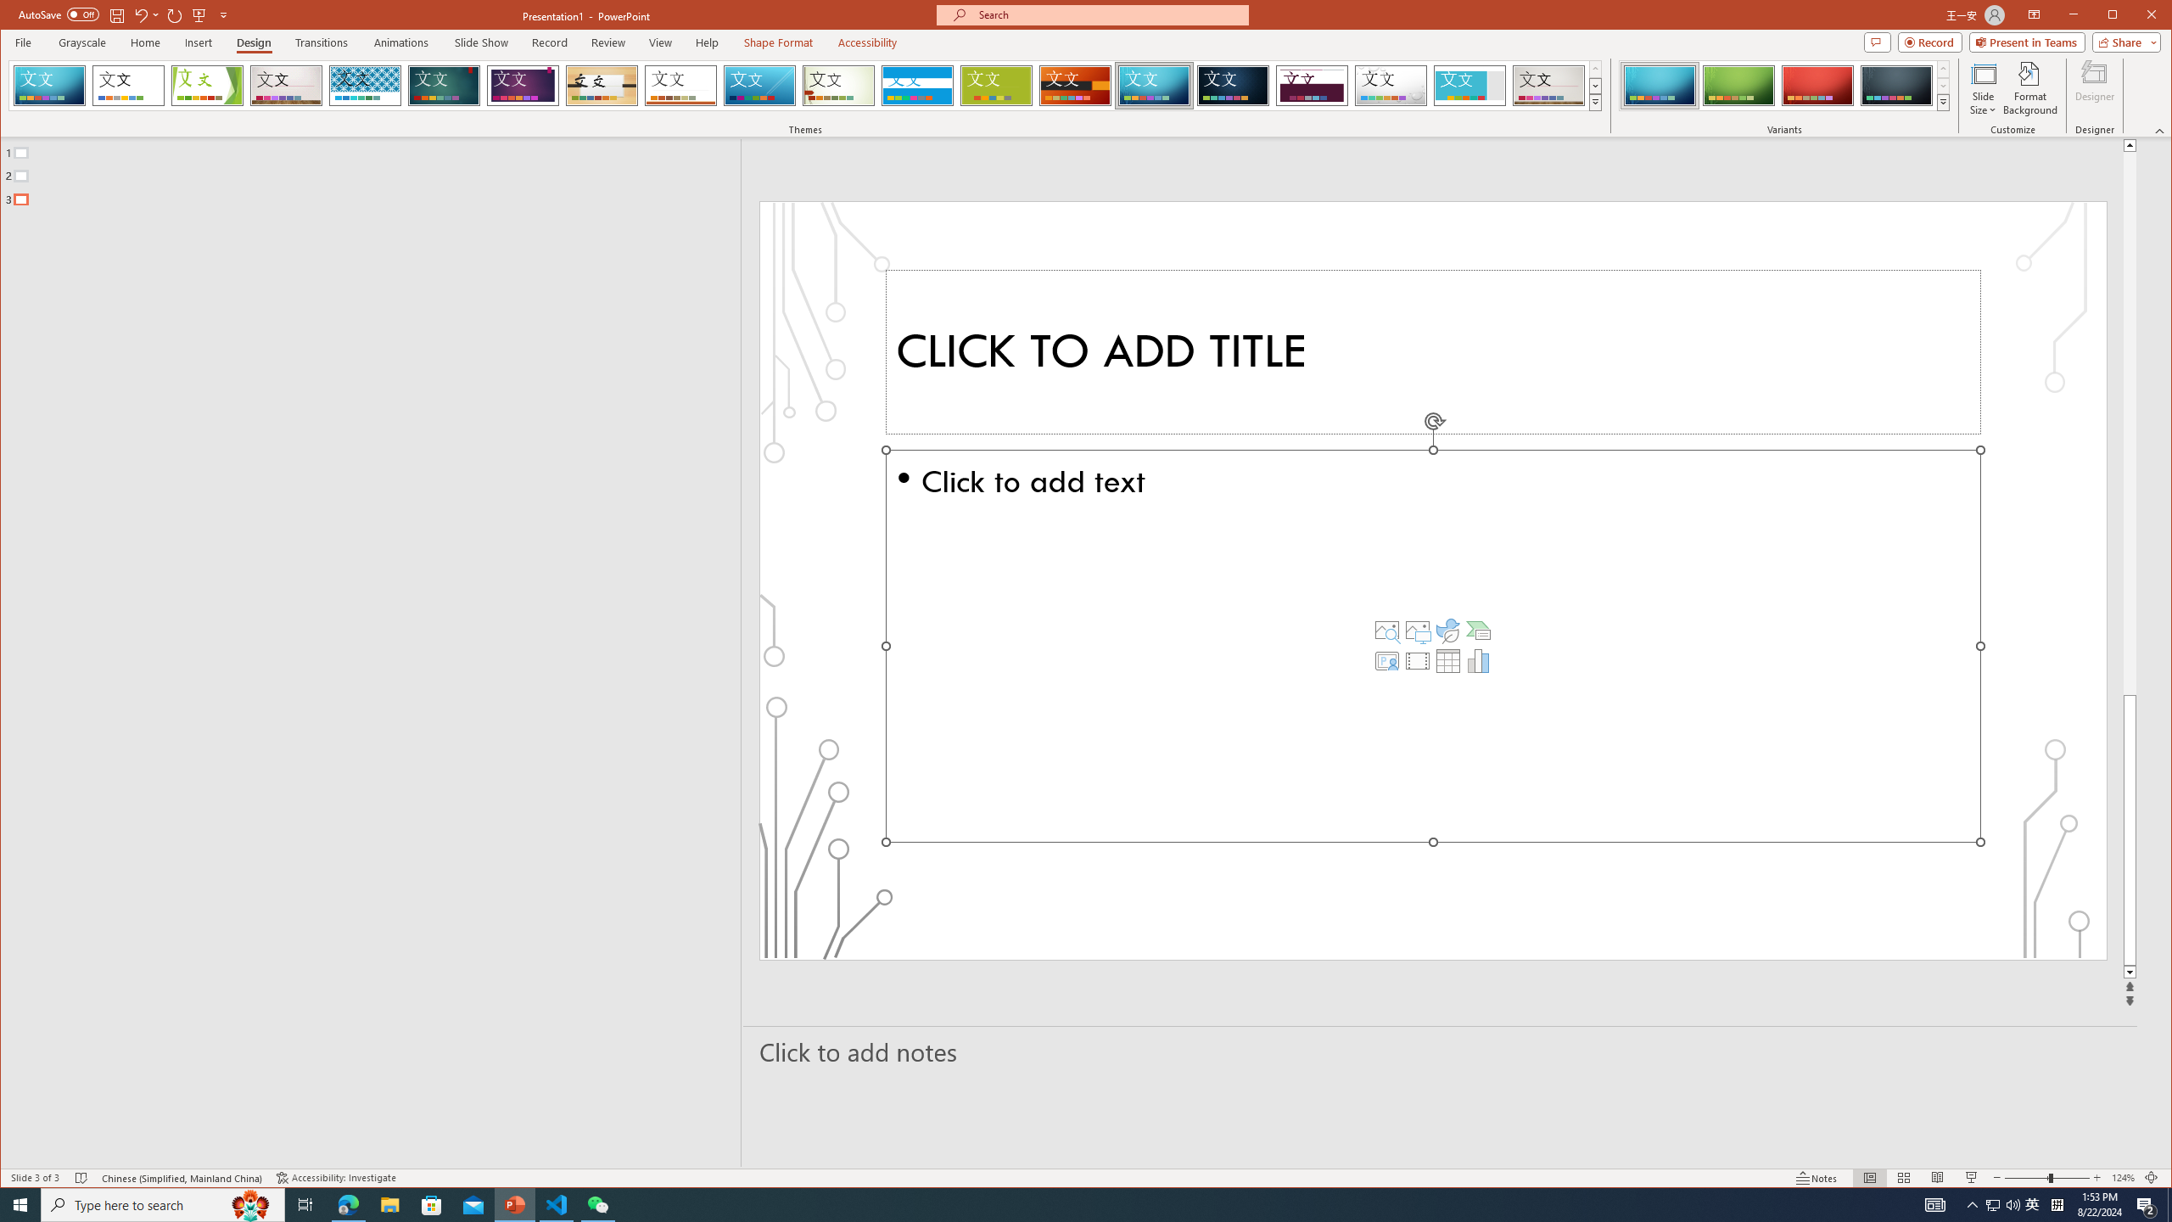 The height and width of the screenshot is (1222, 2172). What do you see at coordinates (1311, 85) in the screenshot?
I see `'Dividend'` at bounding box center [1311, 85].